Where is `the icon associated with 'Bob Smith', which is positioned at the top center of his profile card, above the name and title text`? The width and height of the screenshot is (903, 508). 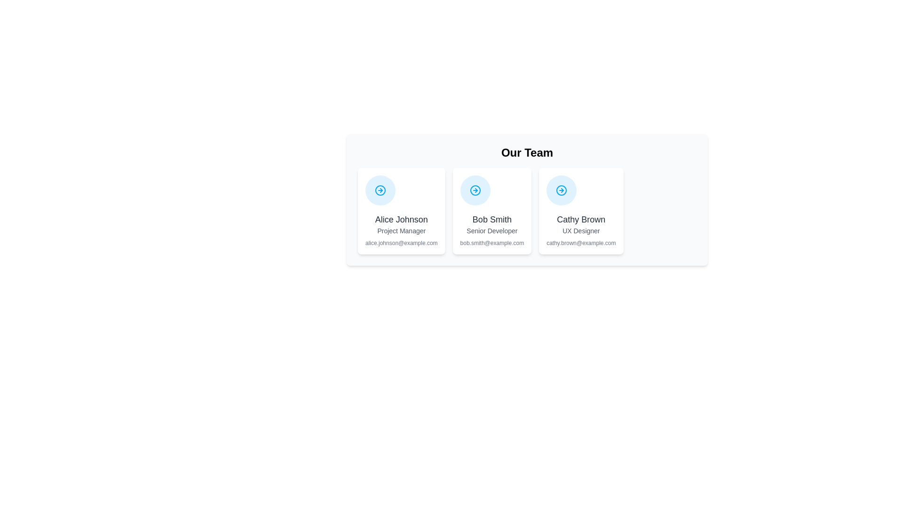
the icon associated with 'Bob Smith', which is positioned at the top center of his profile card, above the name and title text is located at coordinates (475, 190).